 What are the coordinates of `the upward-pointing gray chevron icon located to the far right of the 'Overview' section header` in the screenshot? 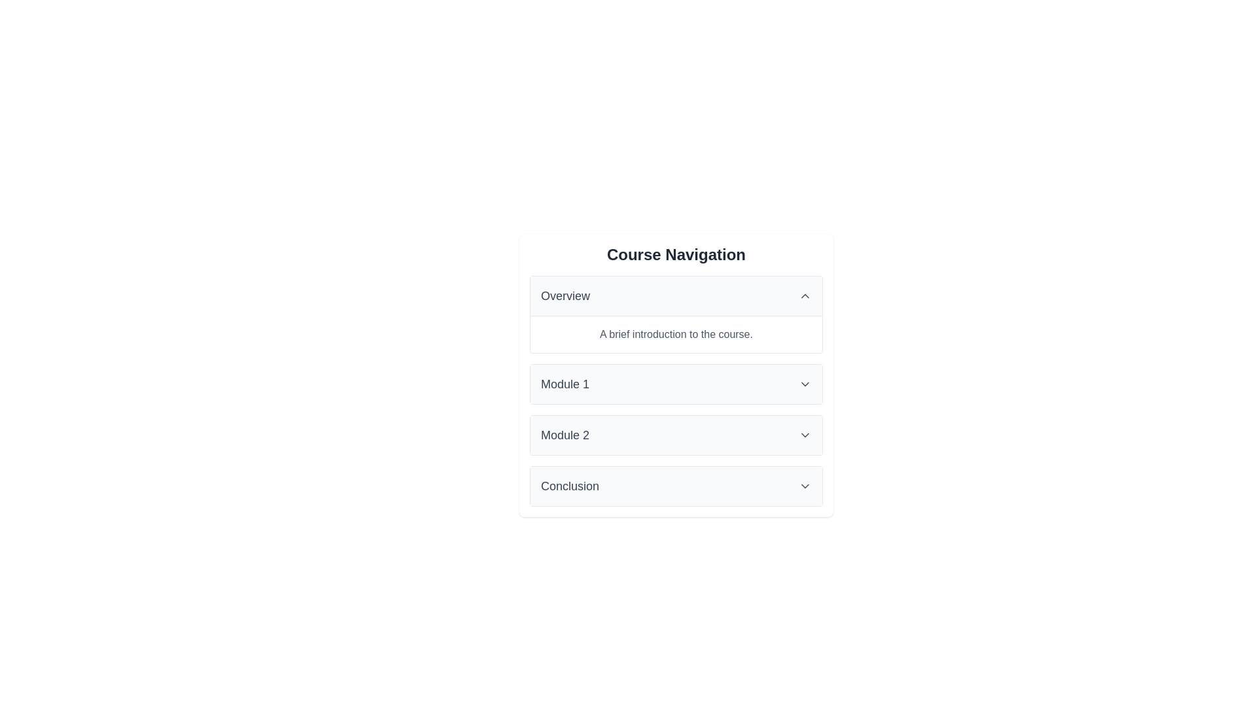 It's located at (804, 295).